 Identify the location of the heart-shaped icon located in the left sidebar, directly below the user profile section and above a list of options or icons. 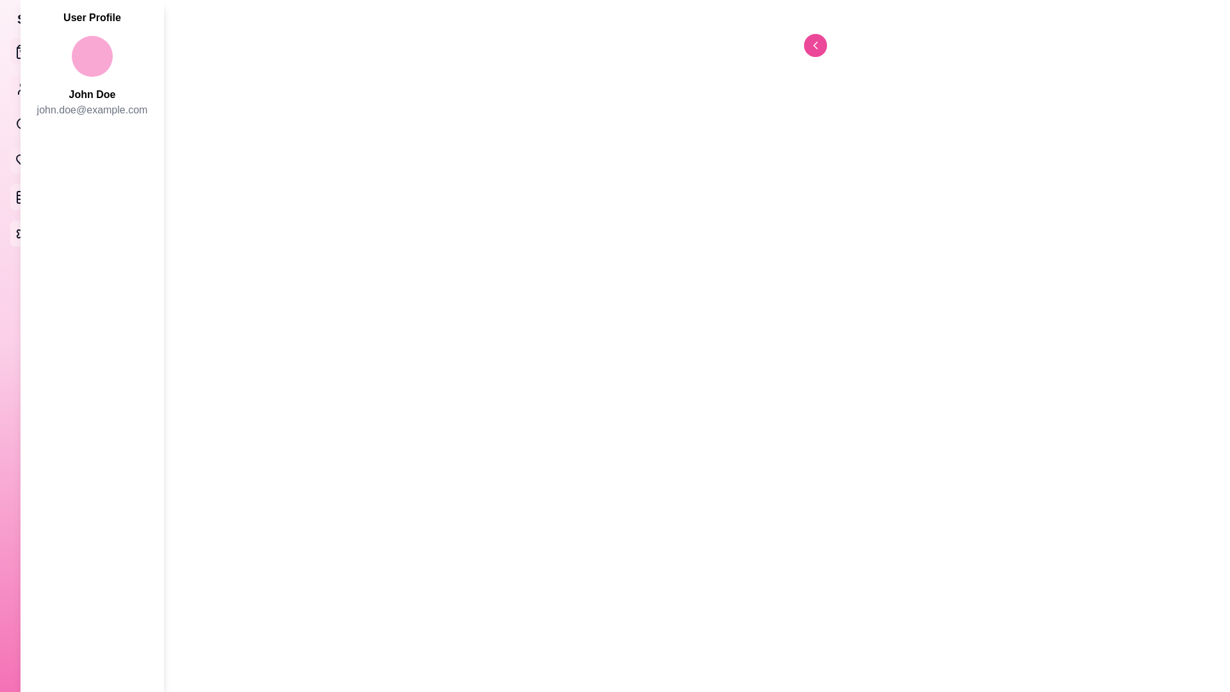
(22, 160).